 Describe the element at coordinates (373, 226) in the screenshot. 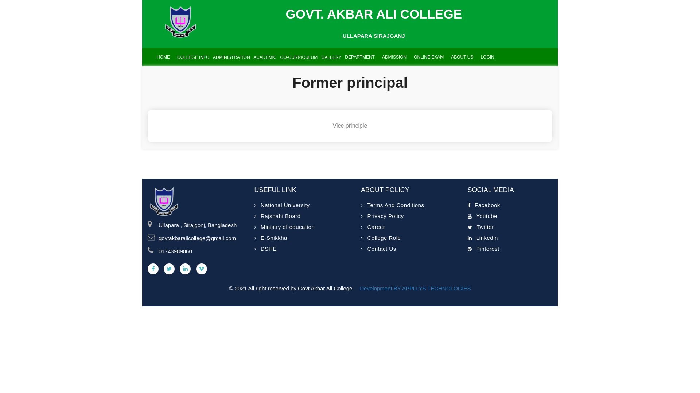

I see `'Career'` at that location.